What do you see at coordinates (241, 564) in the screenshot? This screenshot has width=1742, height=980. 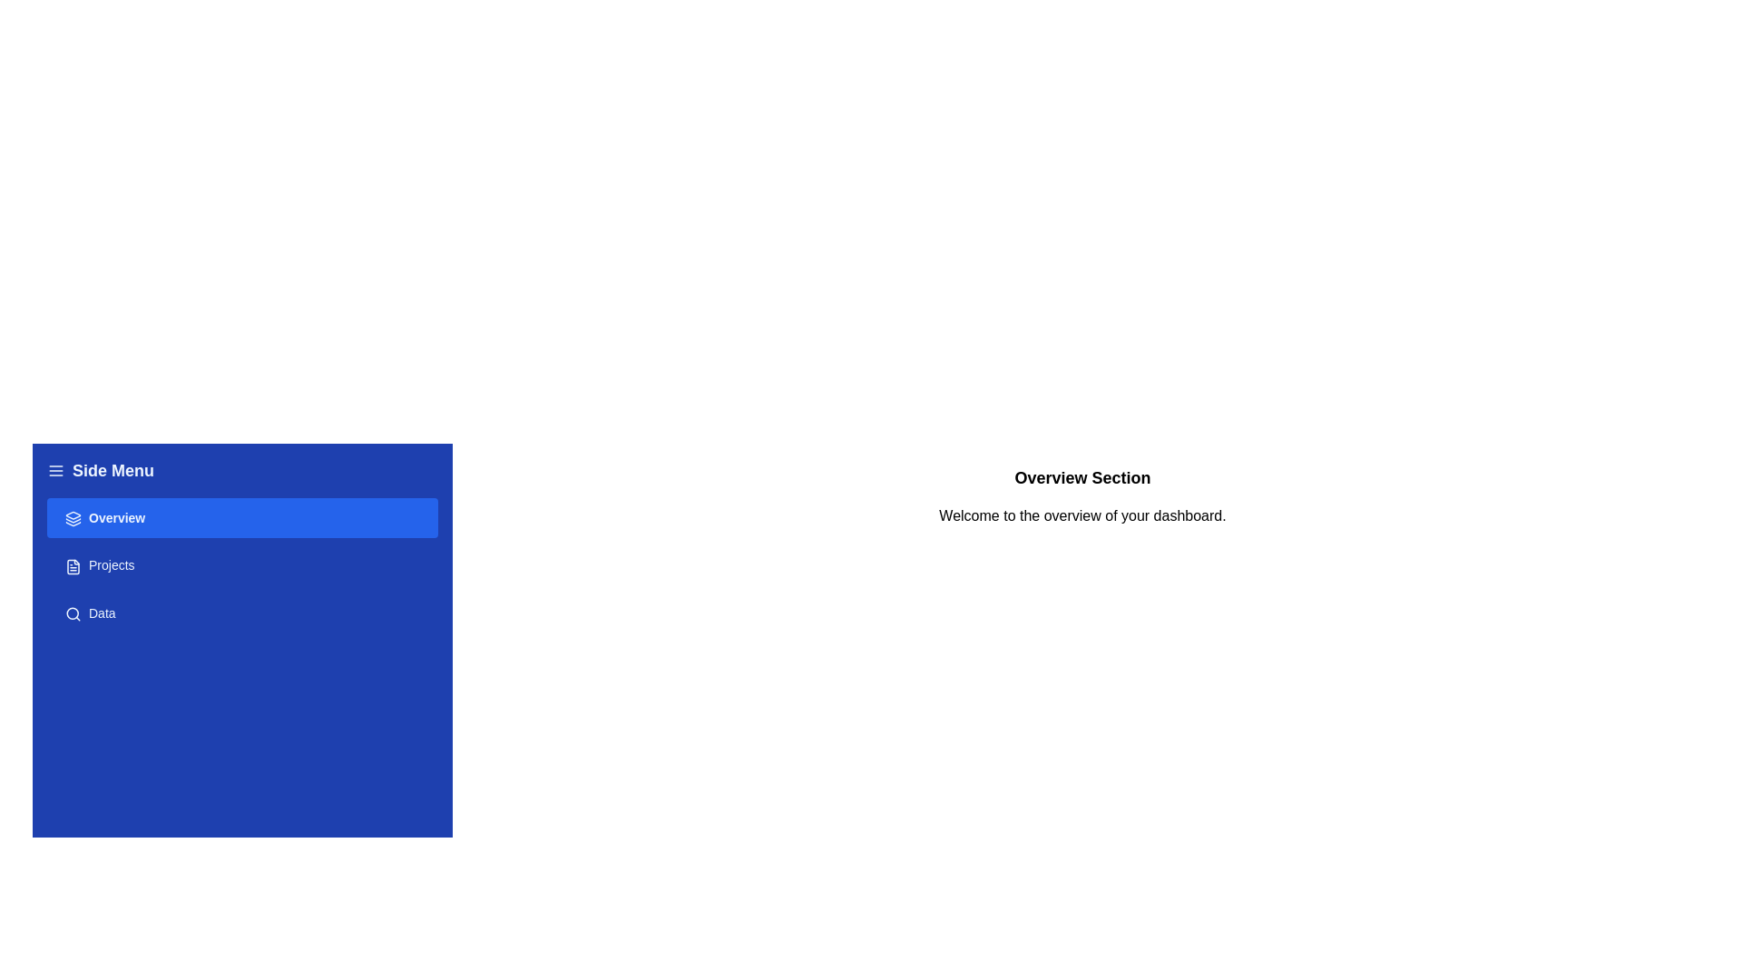 I see `the 'Projects' button in the sidebar` at bounding box center [241, 564].